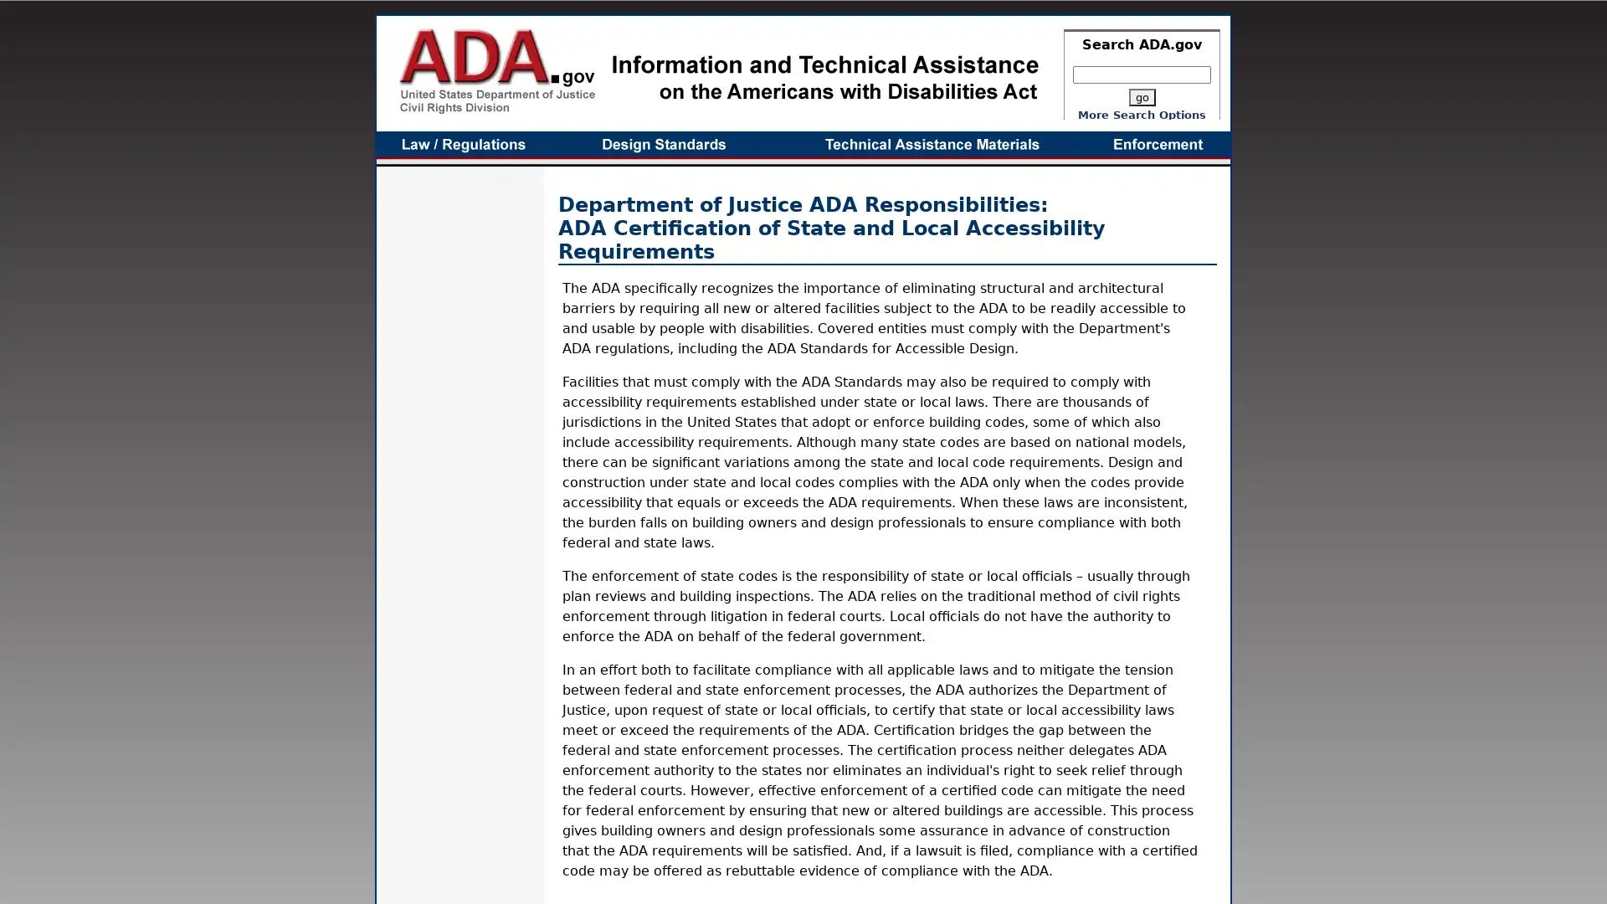  Describe the element at coordinates (1140, 97) in the screenshot. I see `go` at that location.